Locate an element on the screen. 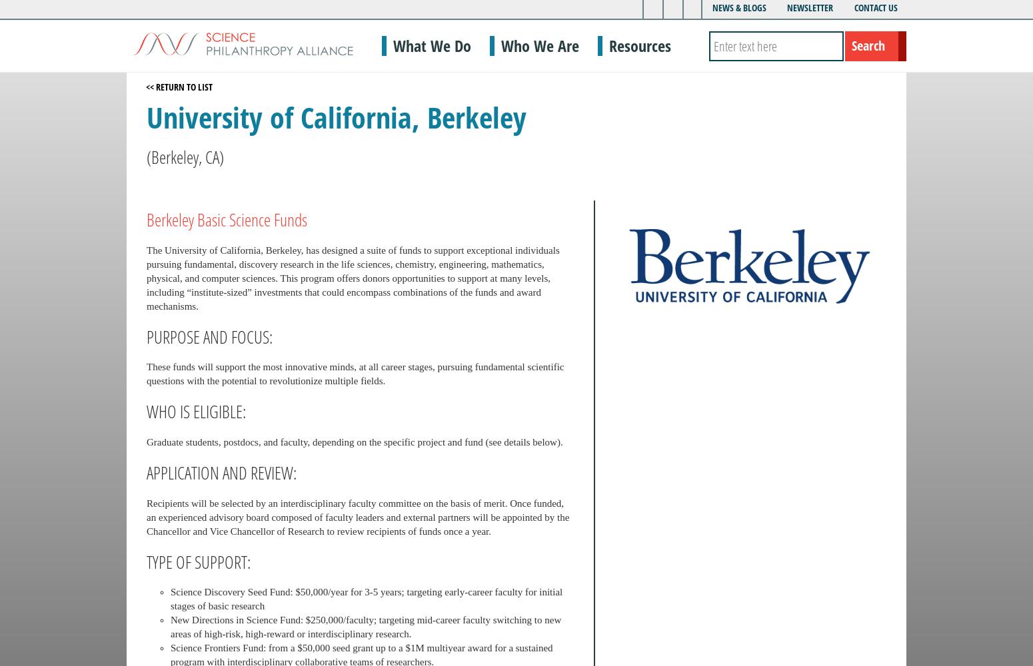 This screenshot has width=1033, height=666. 'Who We Are' is located at coordinates (539, 45).